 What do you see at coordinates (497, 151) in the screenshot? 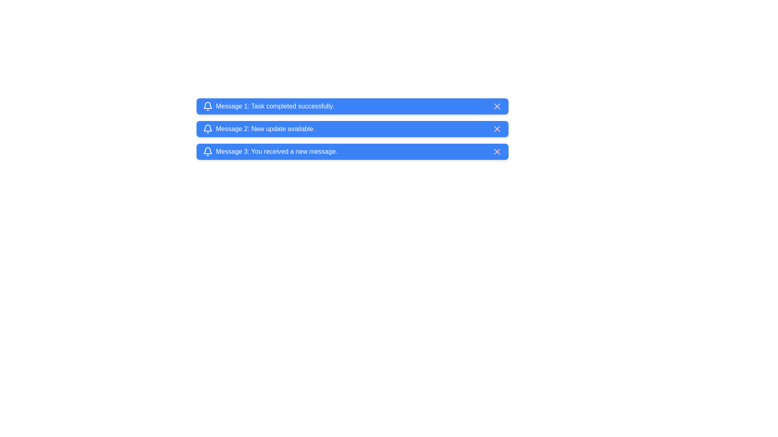
I see `the close icon of the notification that contains the message 'You received a new message'` at bounding box center [497, 151].